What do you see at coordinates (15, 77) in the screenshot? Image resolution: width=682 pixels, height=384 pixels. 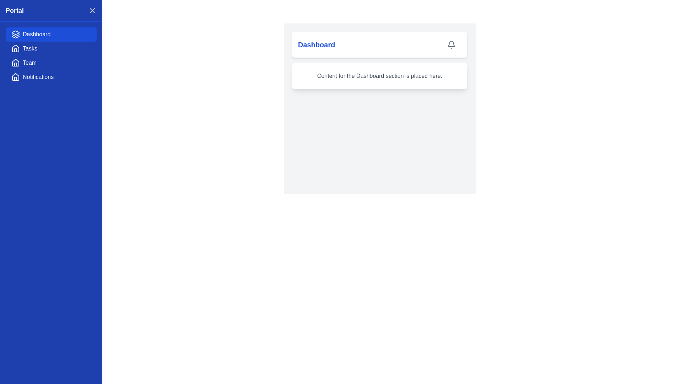 I see `the house icon in outlined style located in the navigation menu next to the 'Notifications' label` at bounding box center [15, 77].